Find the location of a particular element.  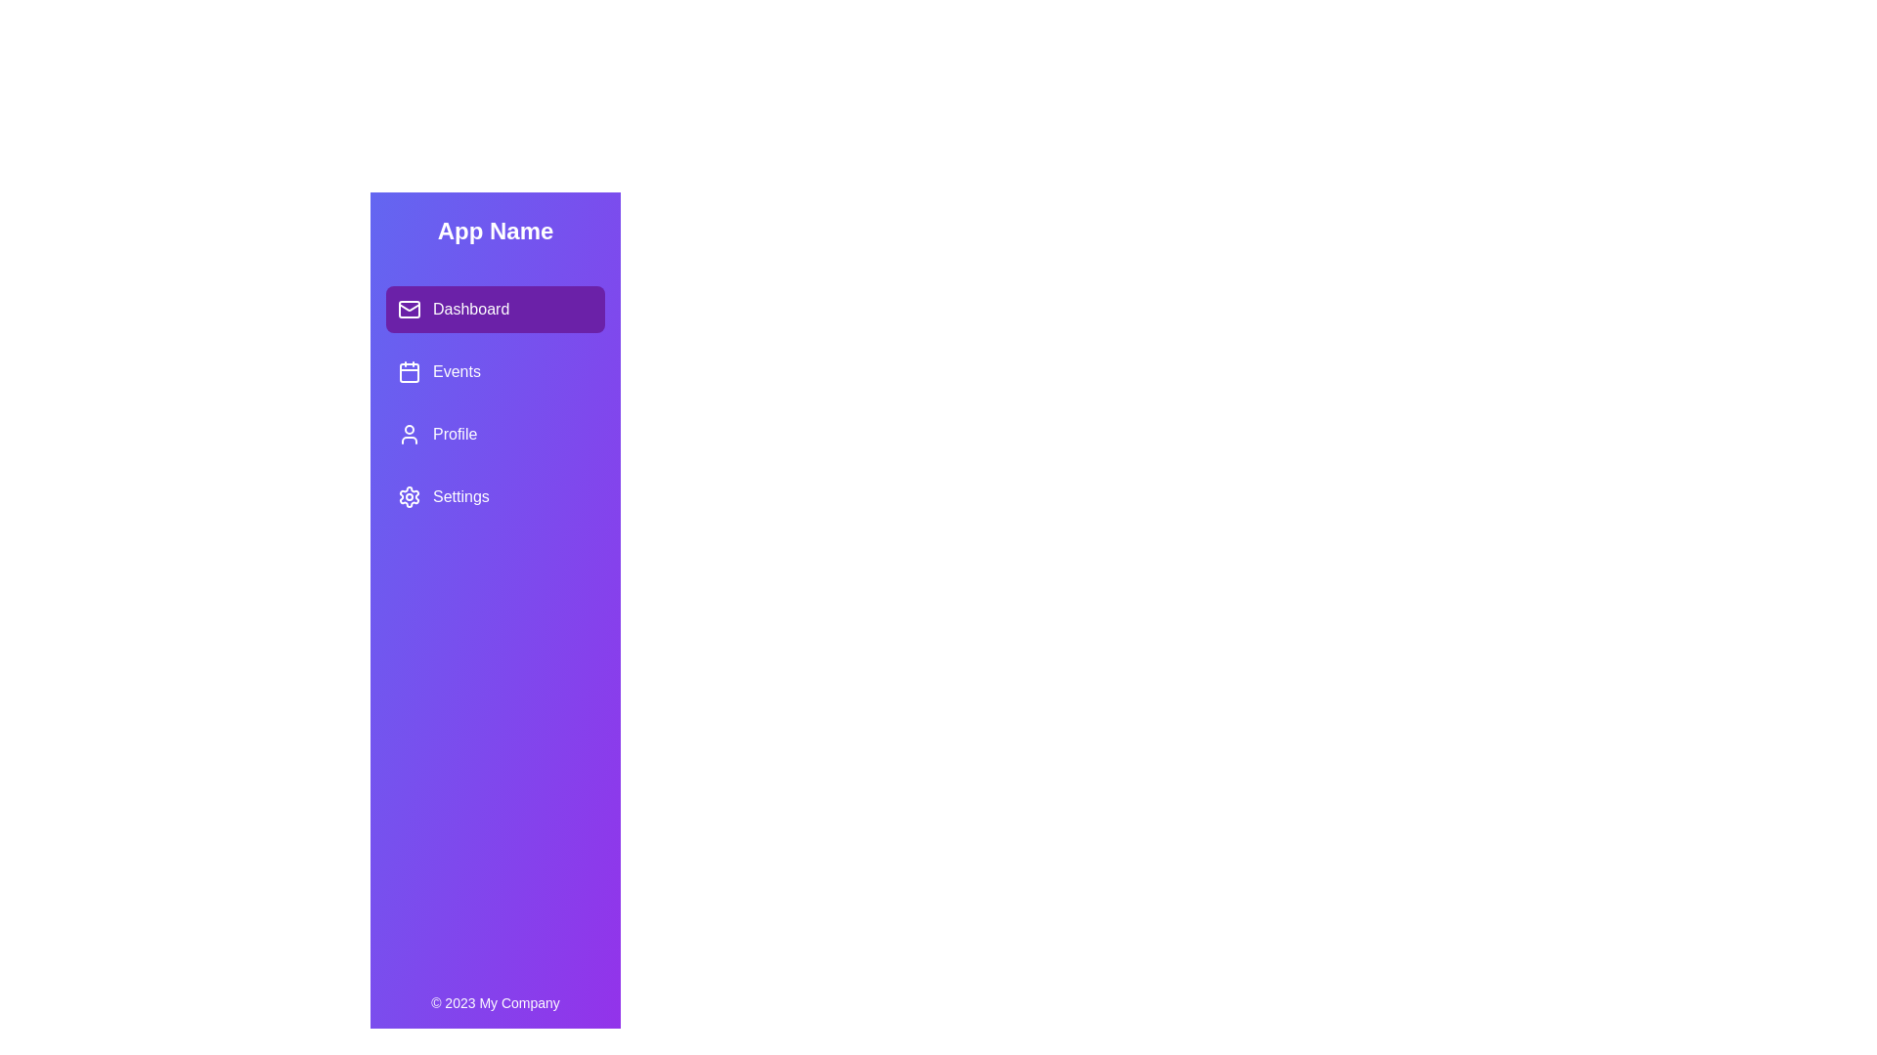

the navigation item corresponding to Dashboard is located at coordinates (496, 308).